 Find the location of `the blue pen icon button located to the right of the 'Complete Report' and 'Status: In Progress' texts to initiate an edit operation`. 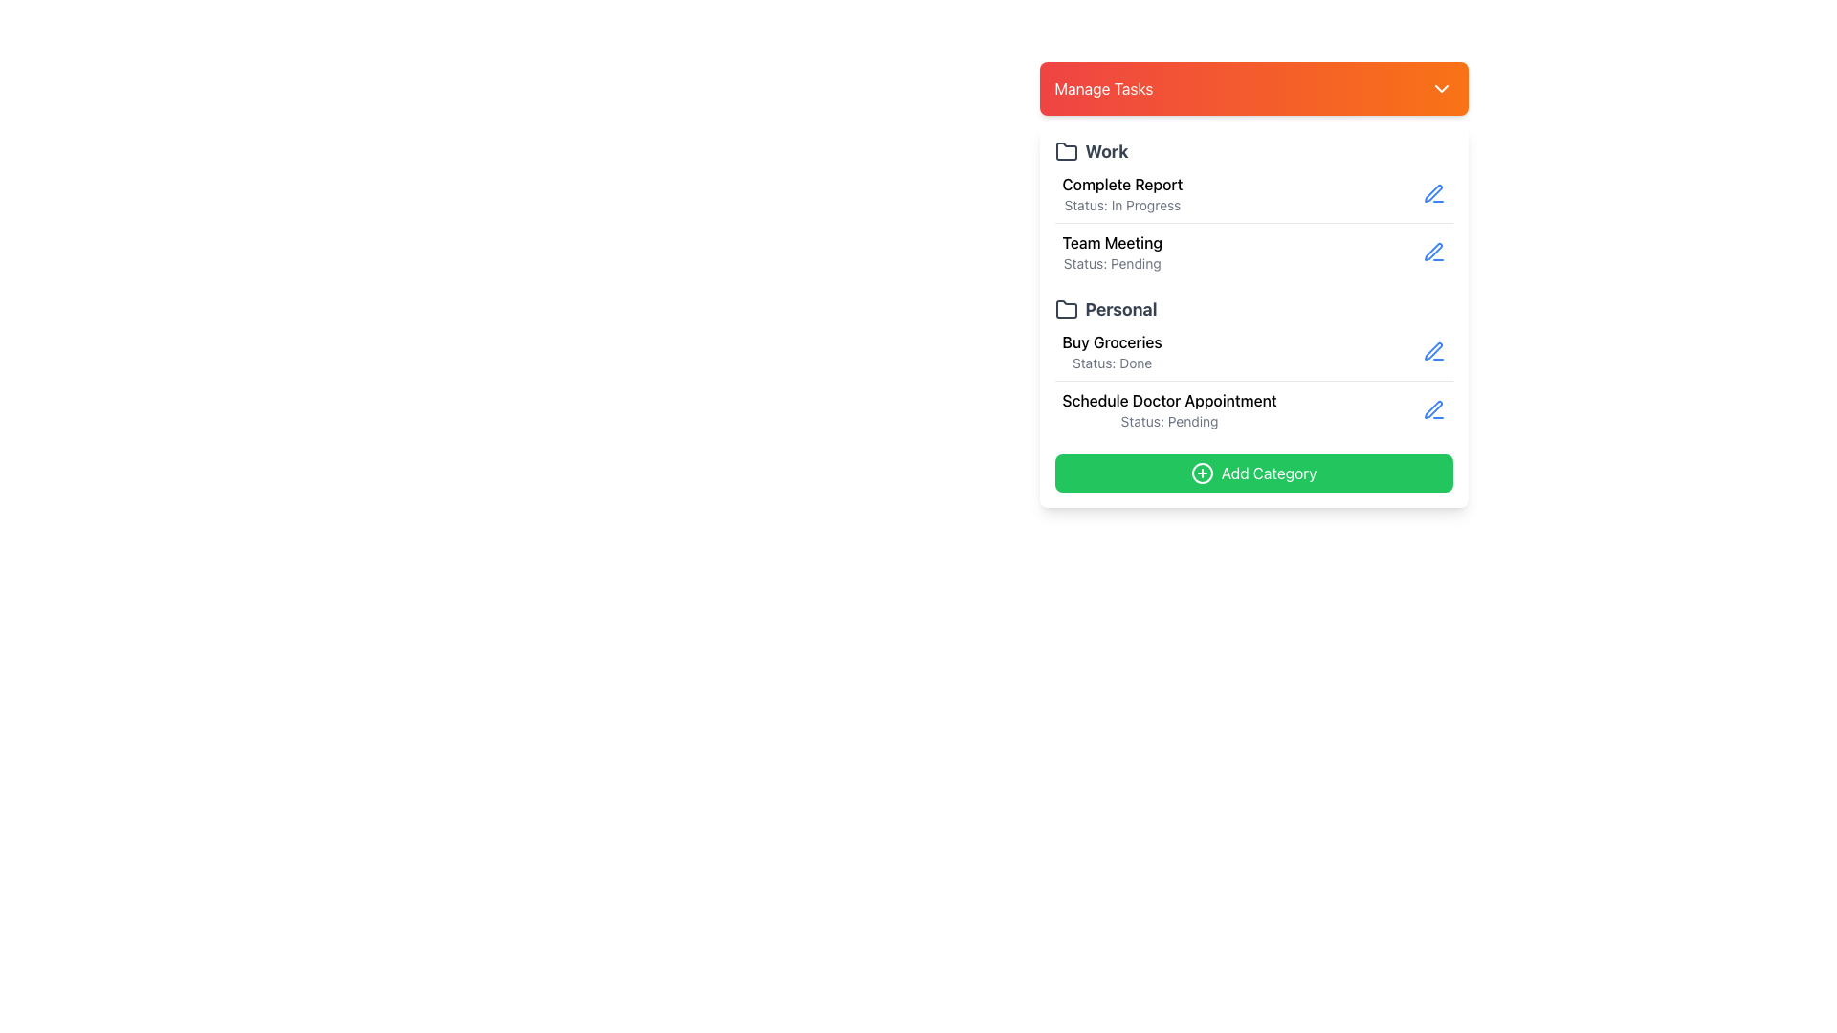

the blue pen icon button located to the right of the 'Complete Report' and 'Status: In Progress' texts to initiate an edit operation is located at coordinates (1433, 194).